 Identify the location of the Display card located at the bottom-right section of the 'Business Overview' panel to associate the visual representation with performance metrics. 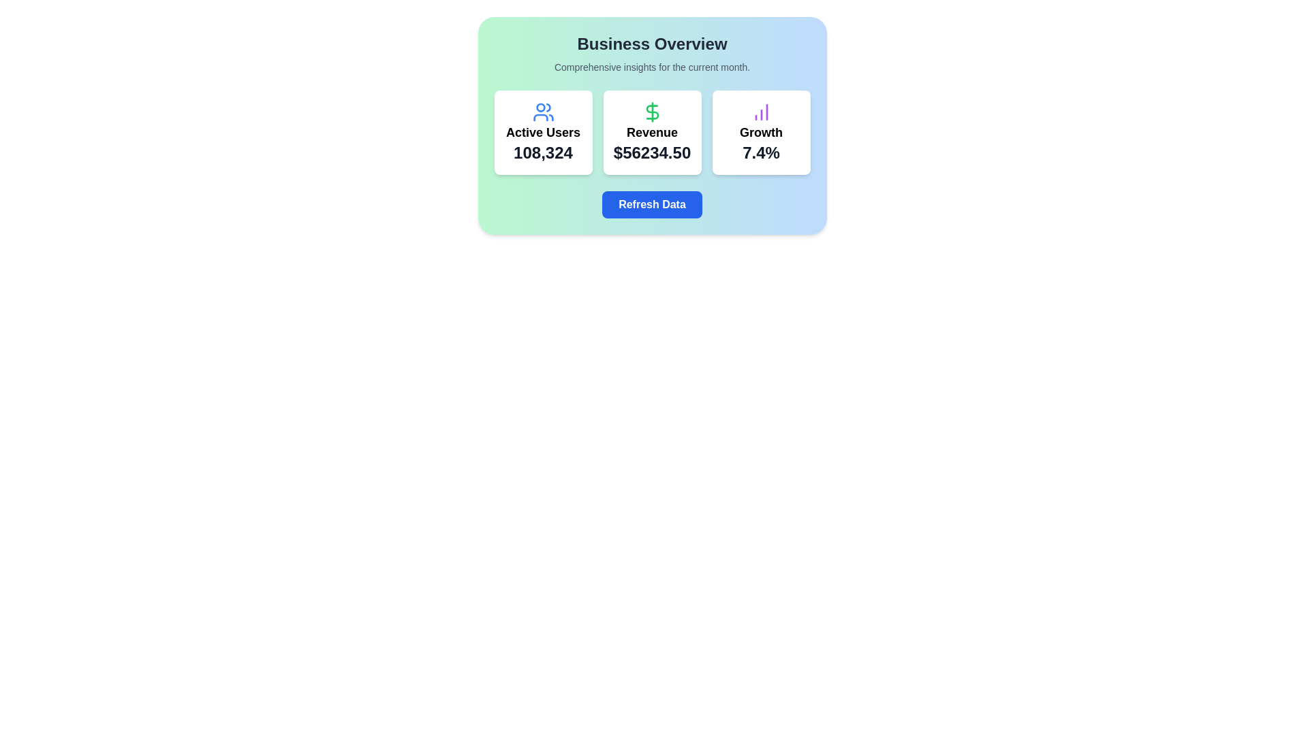
(760, 133).